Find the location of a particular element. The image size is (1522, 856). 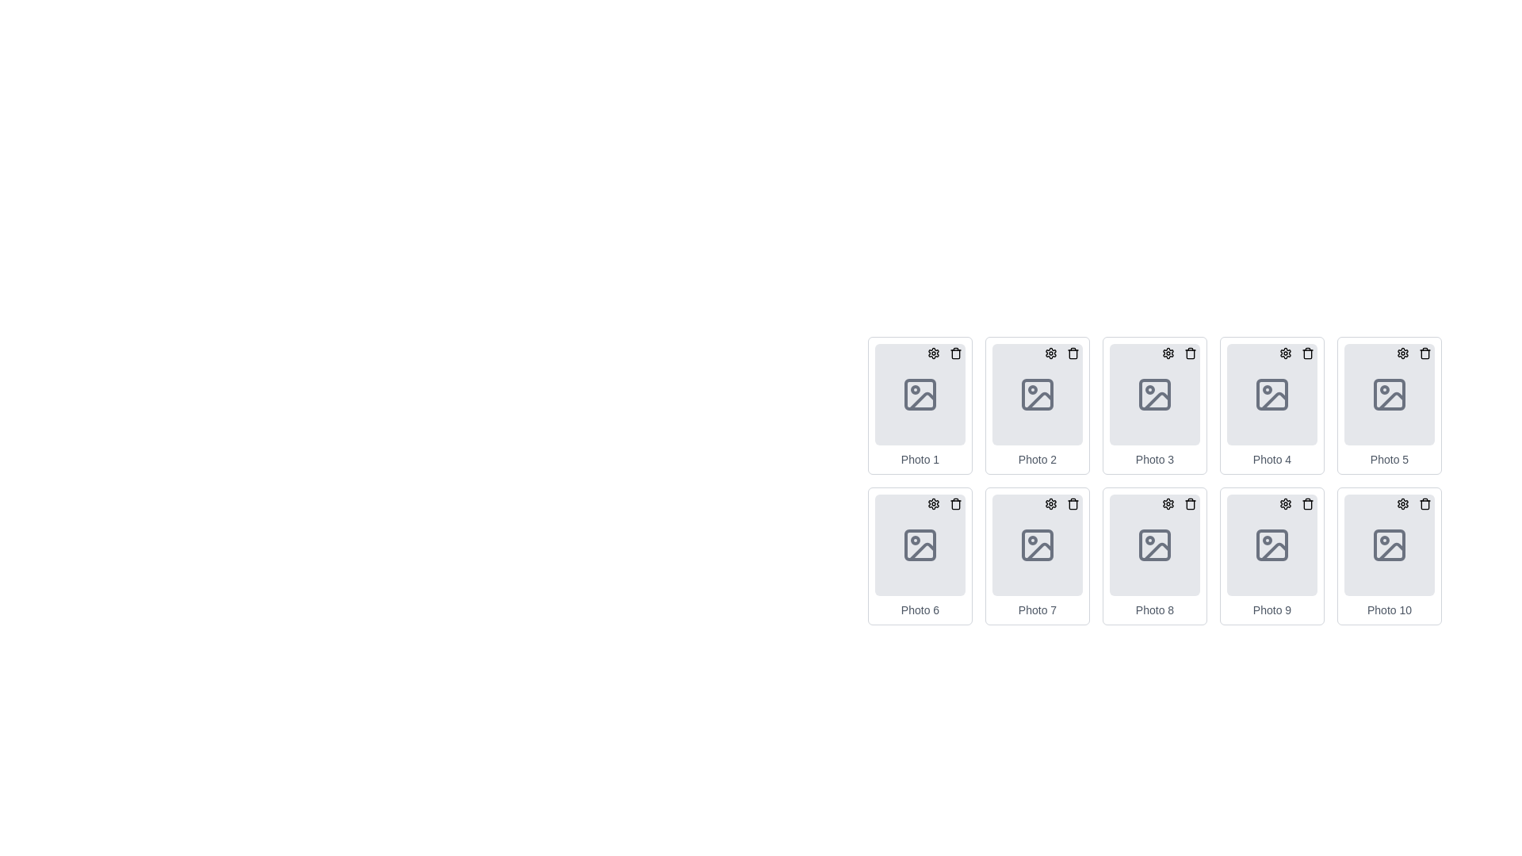

the settings button located at the top right corner of the sixth photo card is located at coordinates (933, 504).